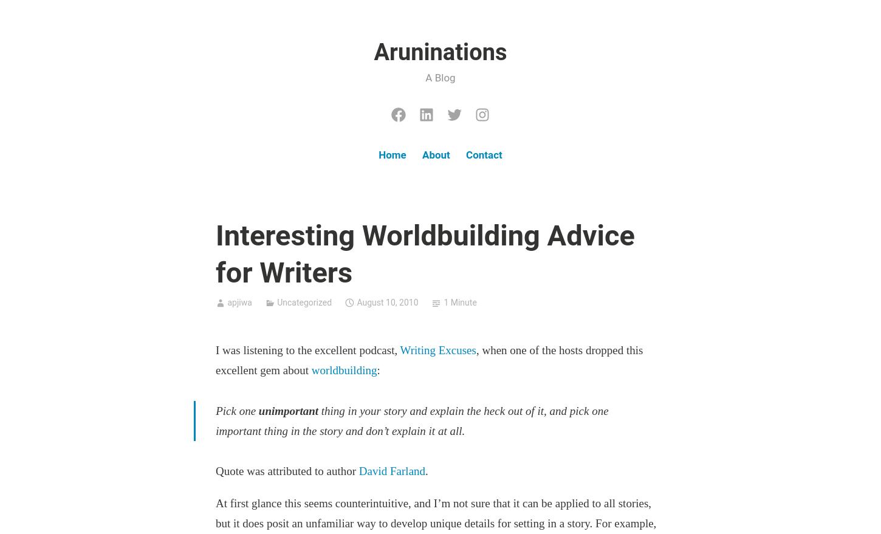  I want to click on 'Quote was attributed to author', so click(215, 471).